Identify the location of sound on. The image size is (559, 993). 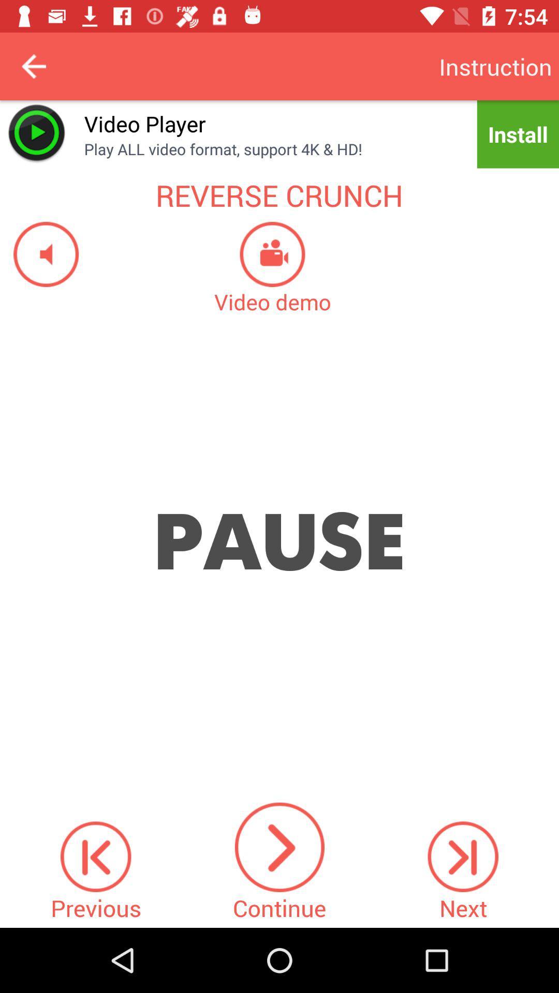
(39, 254).